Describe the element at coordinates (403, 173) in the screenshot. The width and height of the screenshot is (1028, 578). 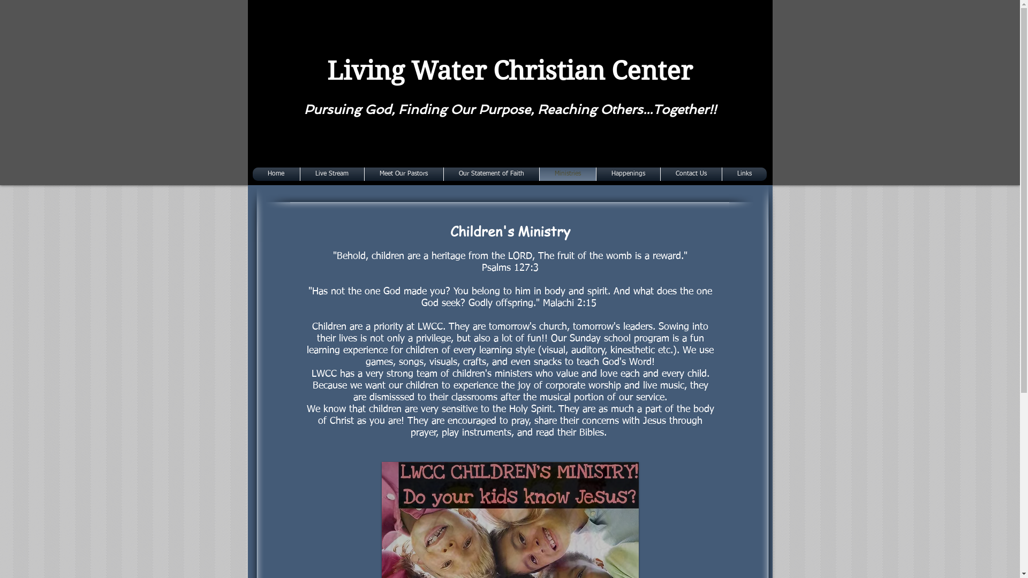
I see `'Meet Our Pastors'` at that location.